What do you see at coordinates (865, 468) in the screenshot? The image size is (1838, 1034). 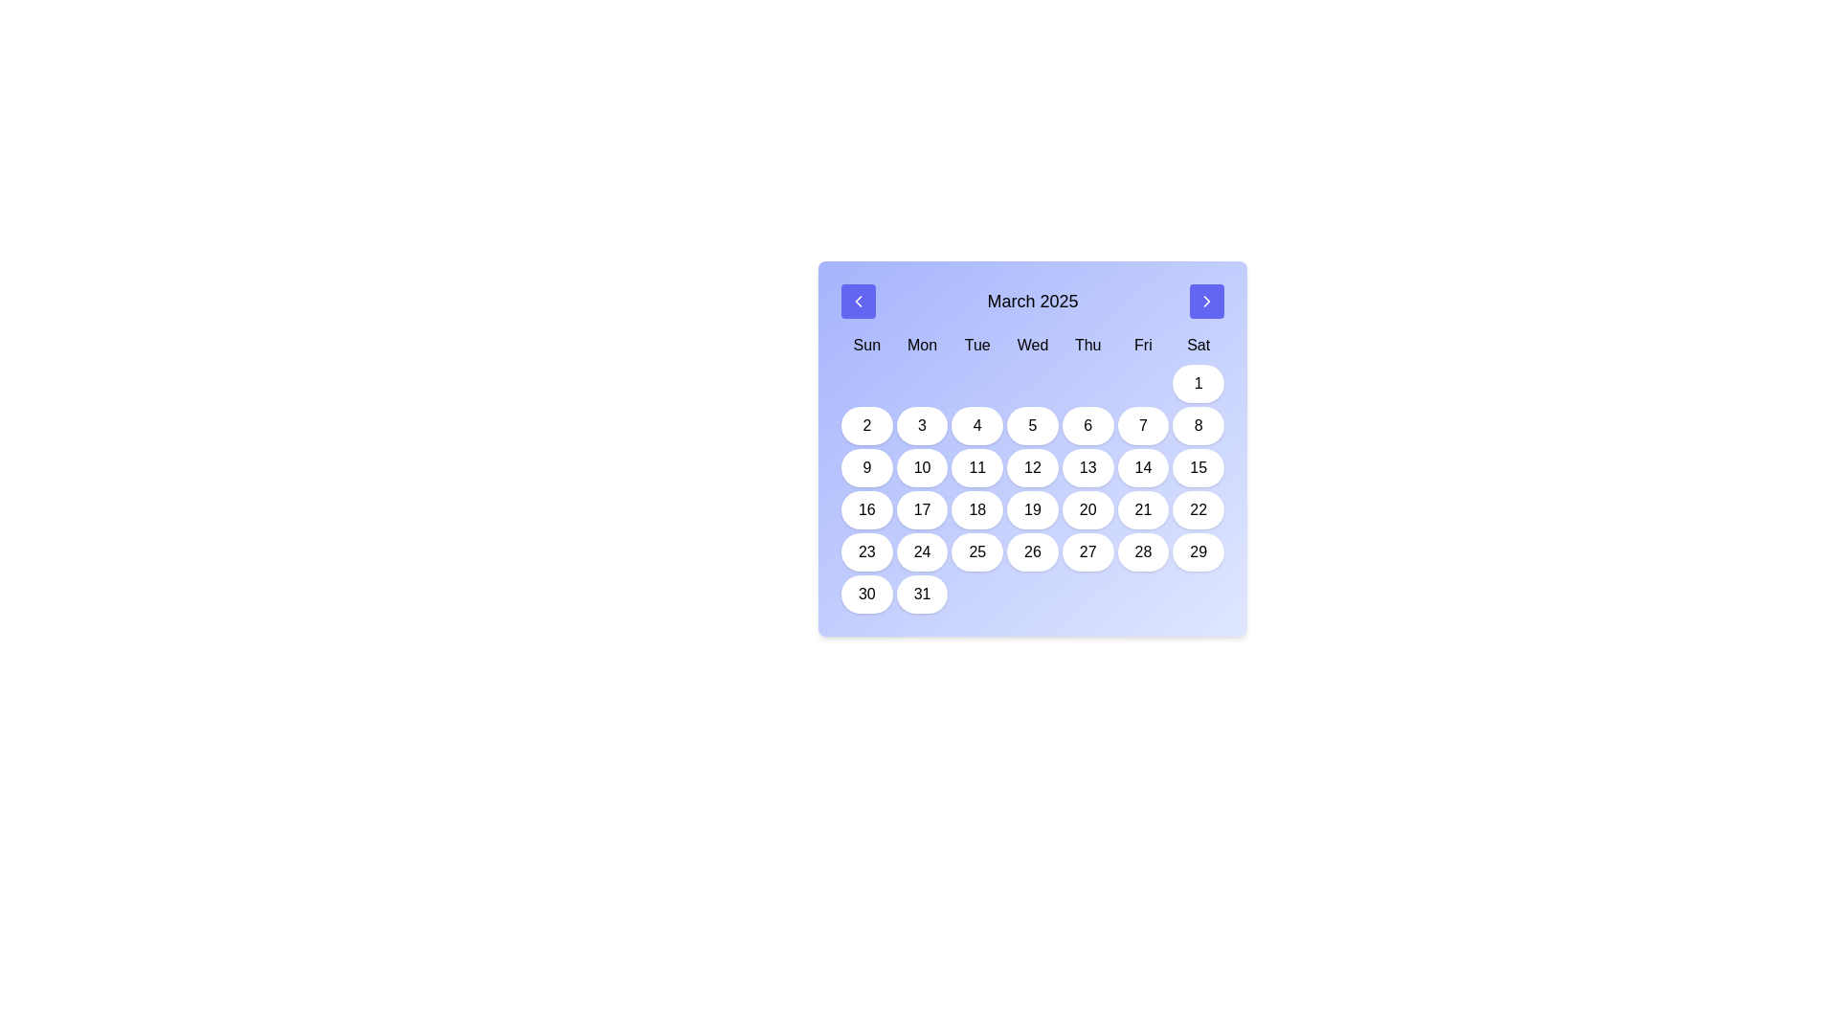 I see `the button representing a selectable date in the calendar interface, located in the third row and second column of the grid` at bounding box center [865, 468].